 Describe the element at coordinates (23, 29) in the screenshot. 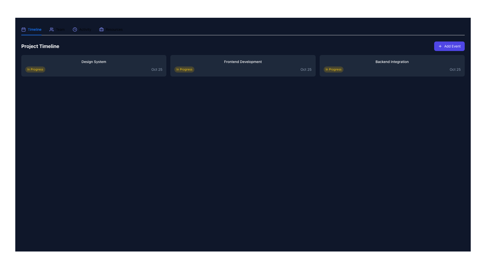

I see `the calendar icon in the navigation interface, which is located to the left of the 'Timeline' text` at that location.